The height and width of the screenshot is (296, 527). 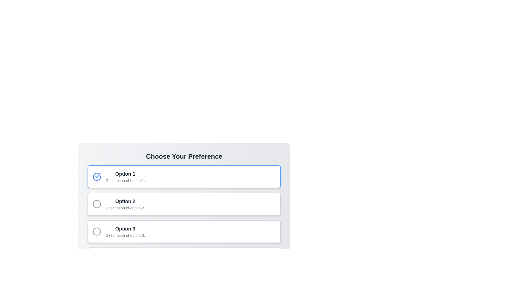 What do you see at coordinates (184, 204) in the screenshot?
I see `the second selectable option in the list` at bounding box center [184, 204].